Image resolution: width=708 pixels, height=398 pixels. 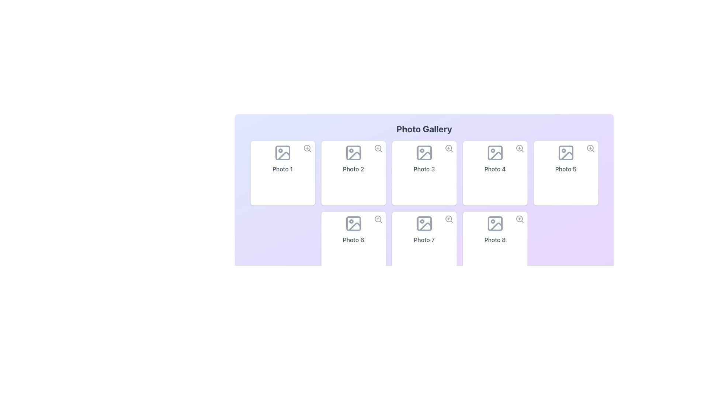 I want to click on the icon located at the center-top of the 'Photo 4' card, which is outlined in gray and features a simplified landscape pictogram, so click(x=495, y=153).